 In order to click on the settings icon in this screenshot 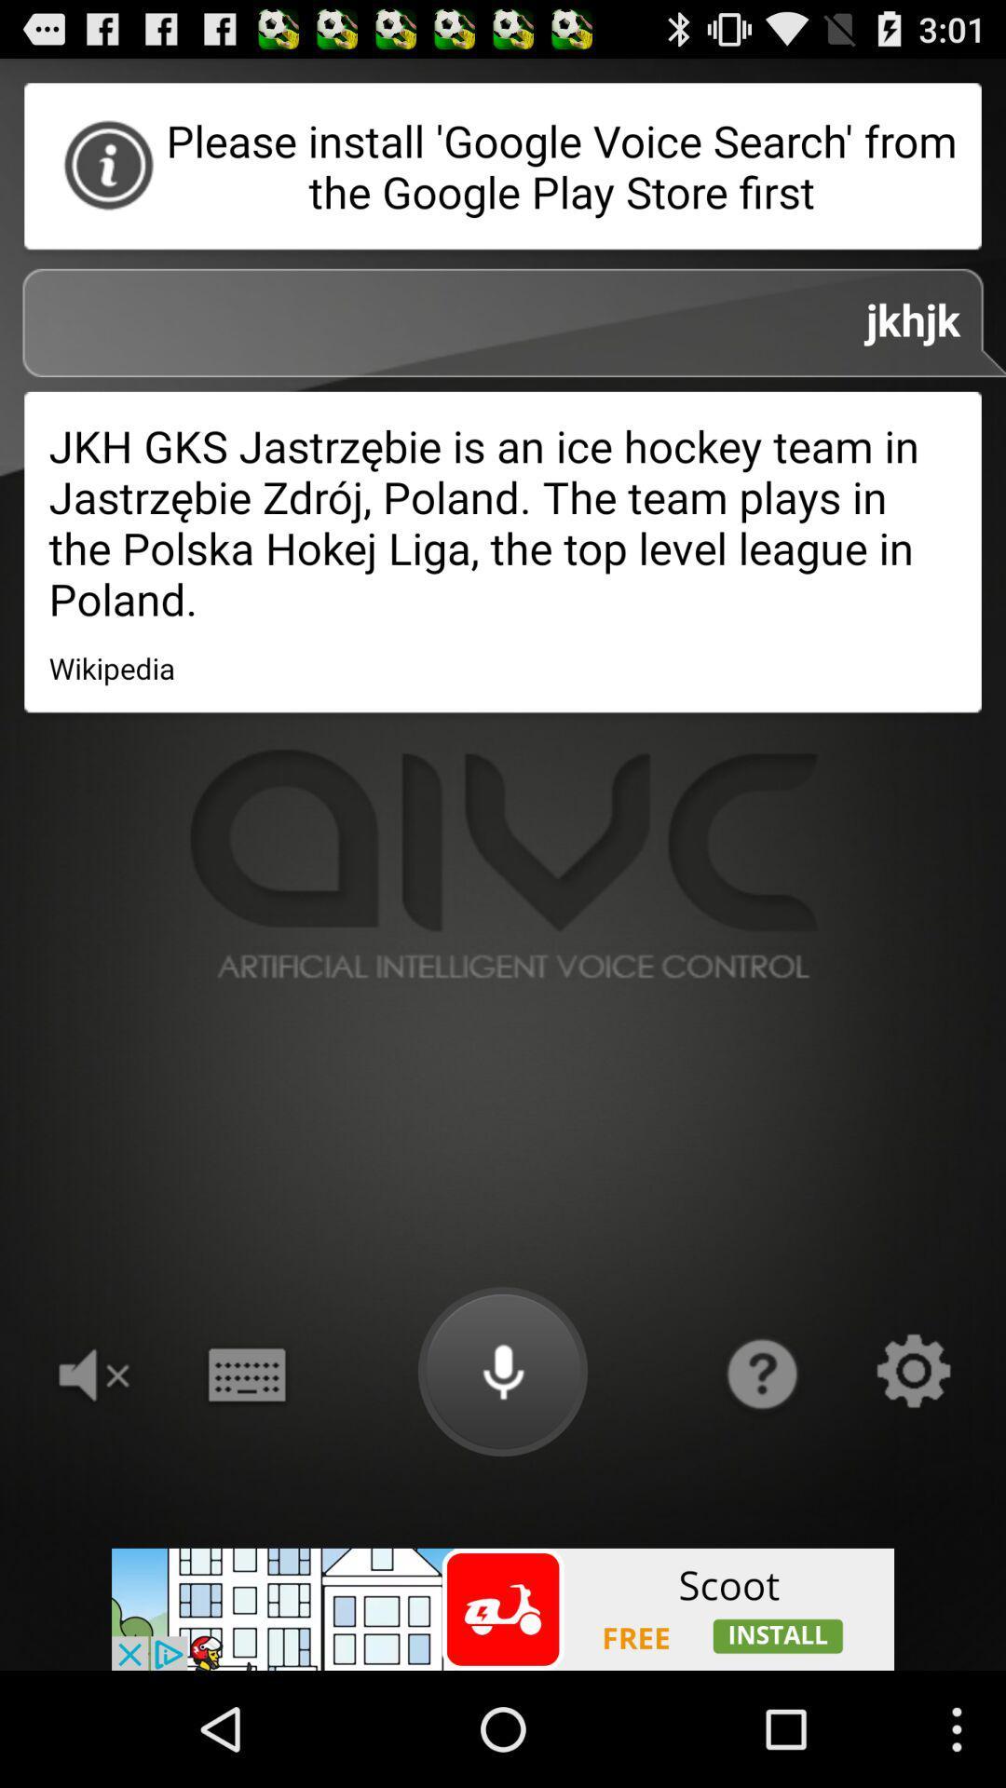, I will do `click(913, 1467)`.